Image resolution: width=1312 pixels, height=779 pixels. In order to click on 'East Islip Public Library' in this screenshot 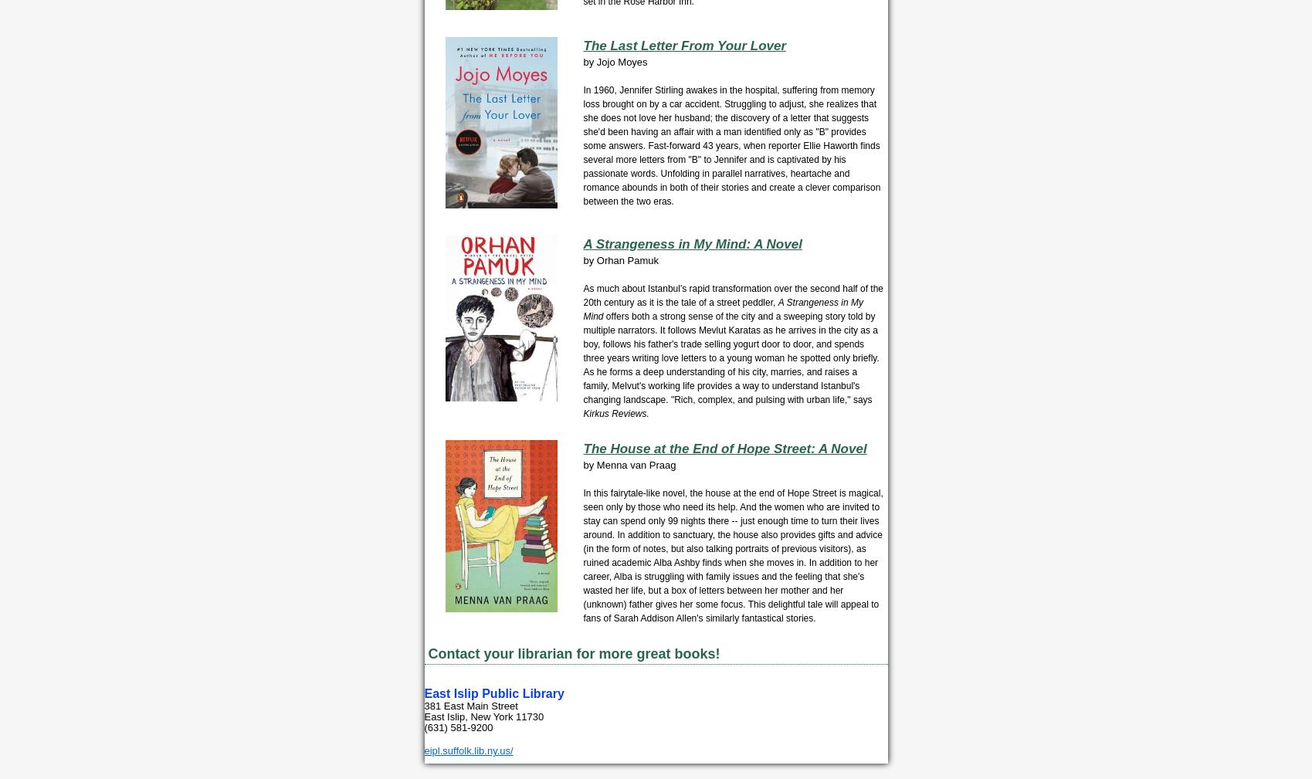, I will do `click(493, 693)`.